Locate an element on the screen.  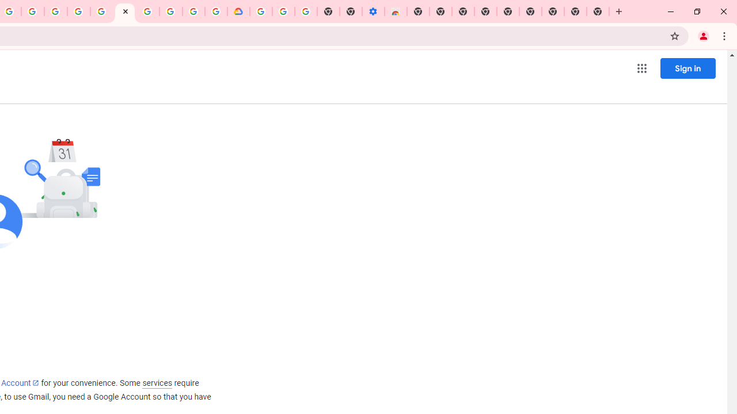
'services' is located at coordinates (157, 383).